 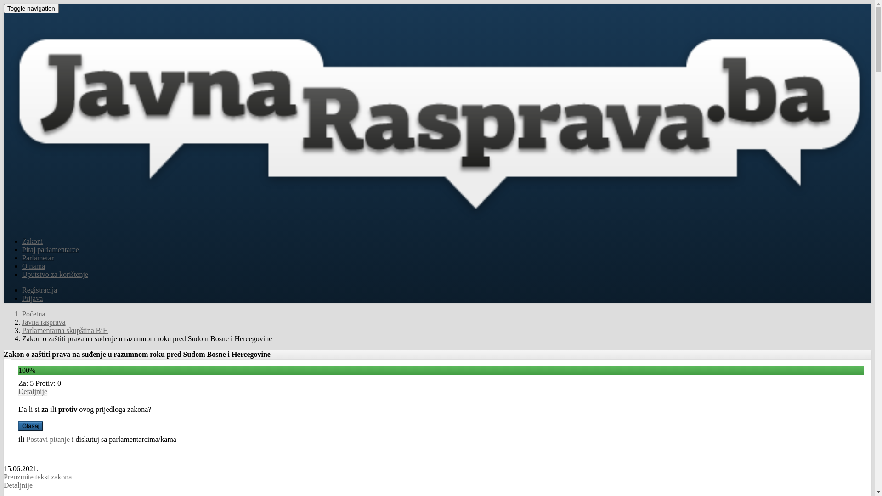 I want to click on 'Detaljnije', so click(x=18, y=391).